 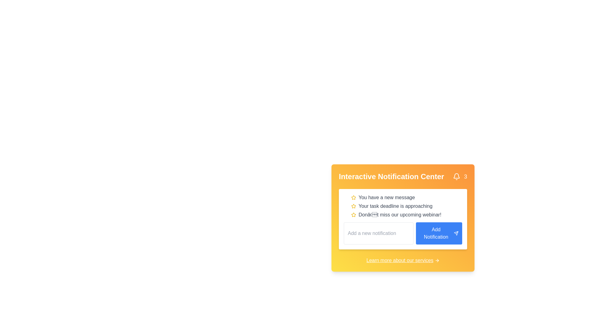 What do you see at coordinates (437, 260) in the screenshot?
I see `the small rightward arrow icon adjacent to the text 'Learn more about our services' in the notification panel` at bounding box center [437, 260].